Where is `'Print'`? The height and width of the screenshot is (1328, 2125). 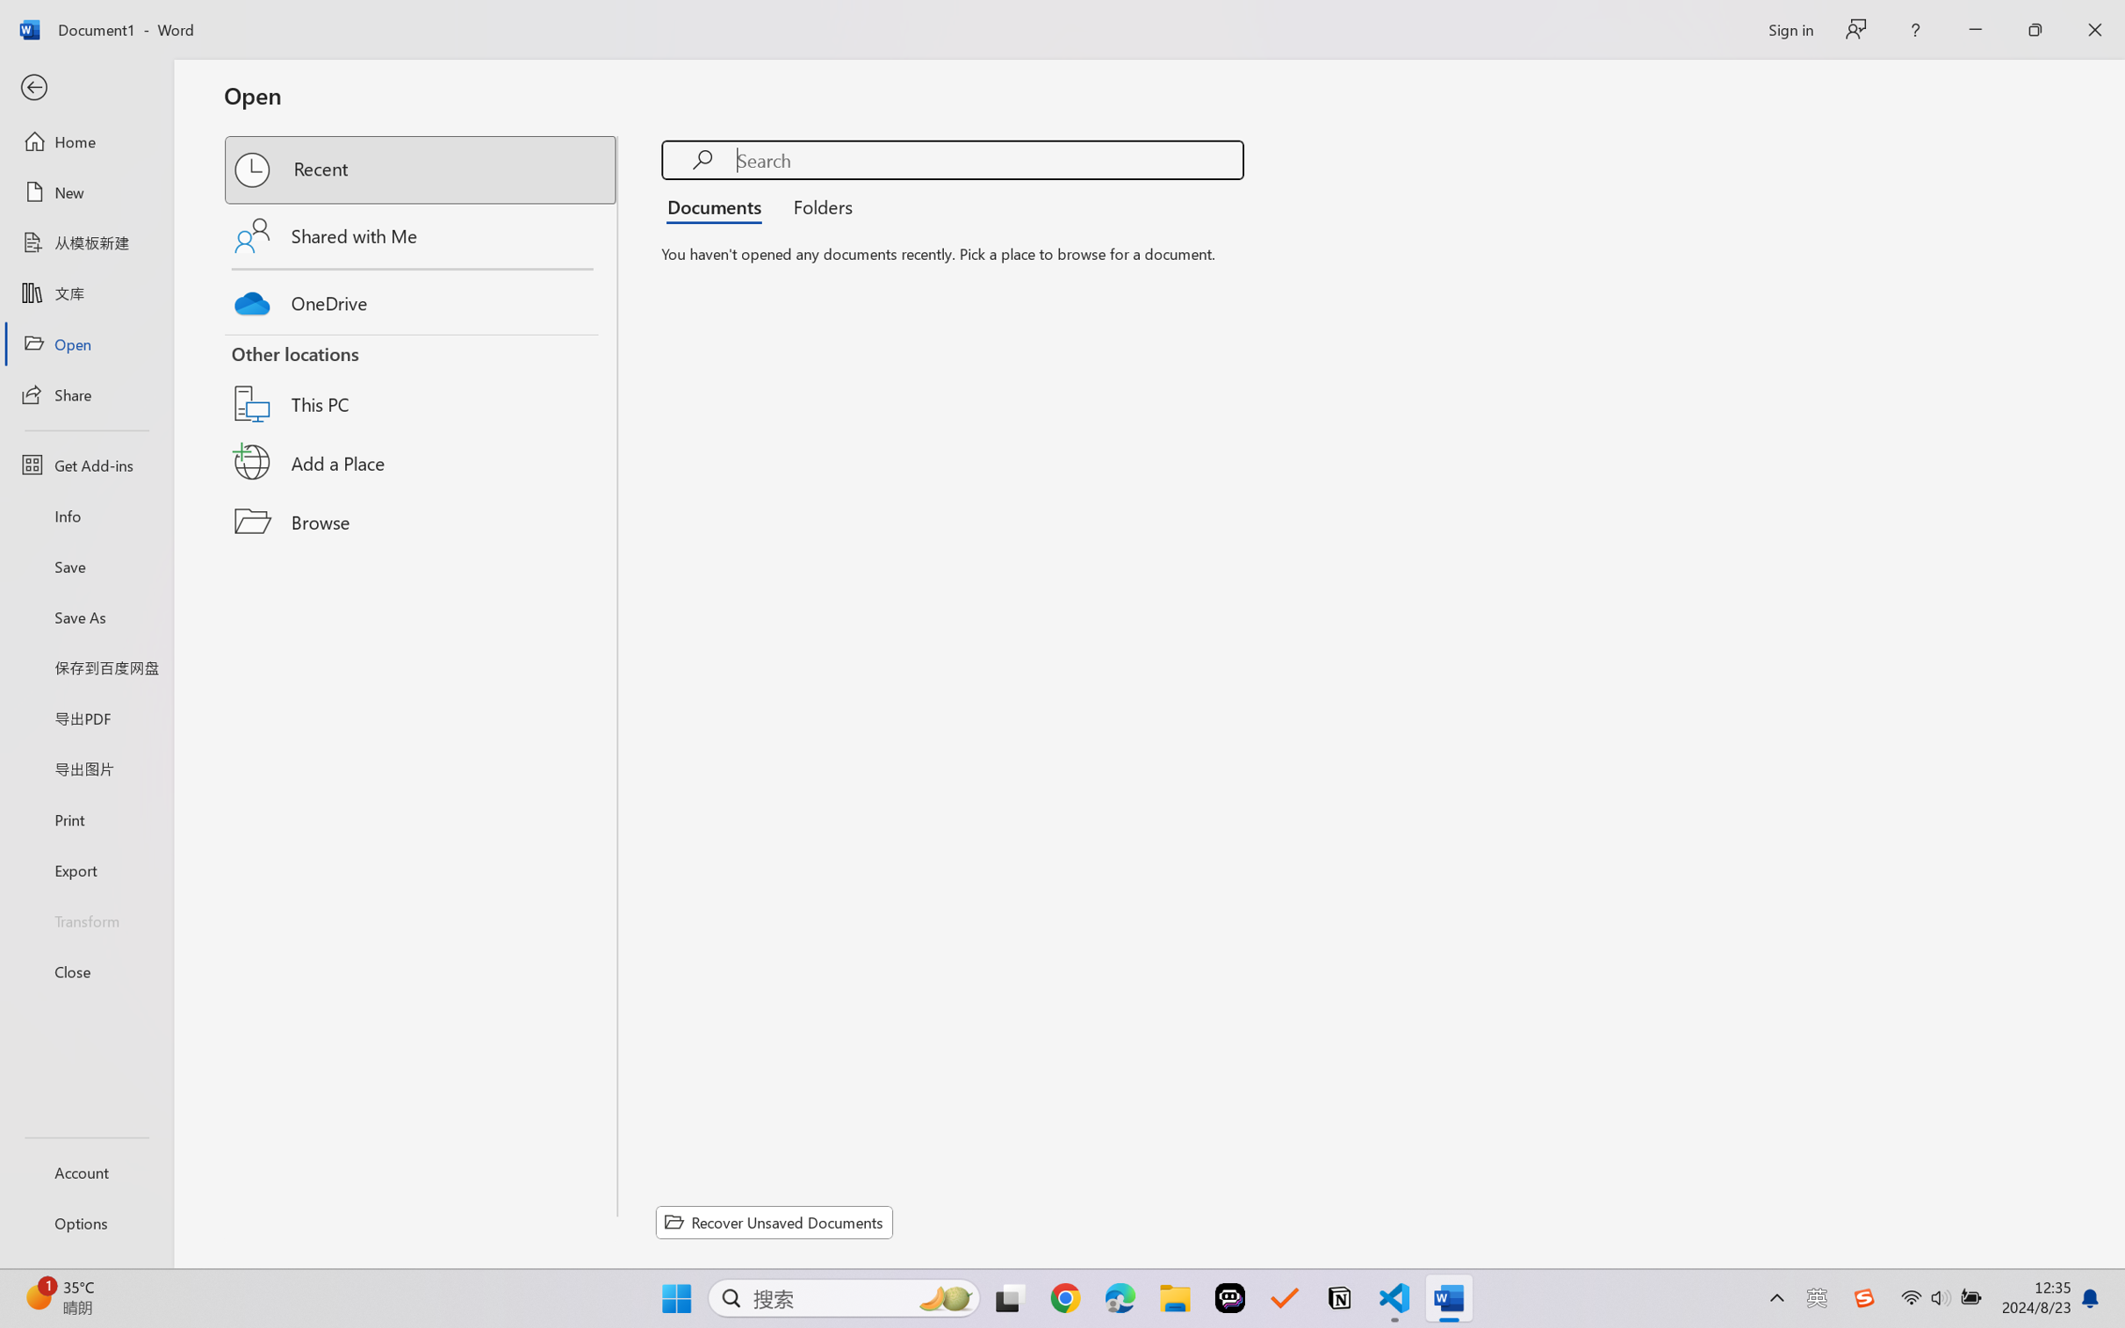 'Print' is located at coordinates (85, 819).